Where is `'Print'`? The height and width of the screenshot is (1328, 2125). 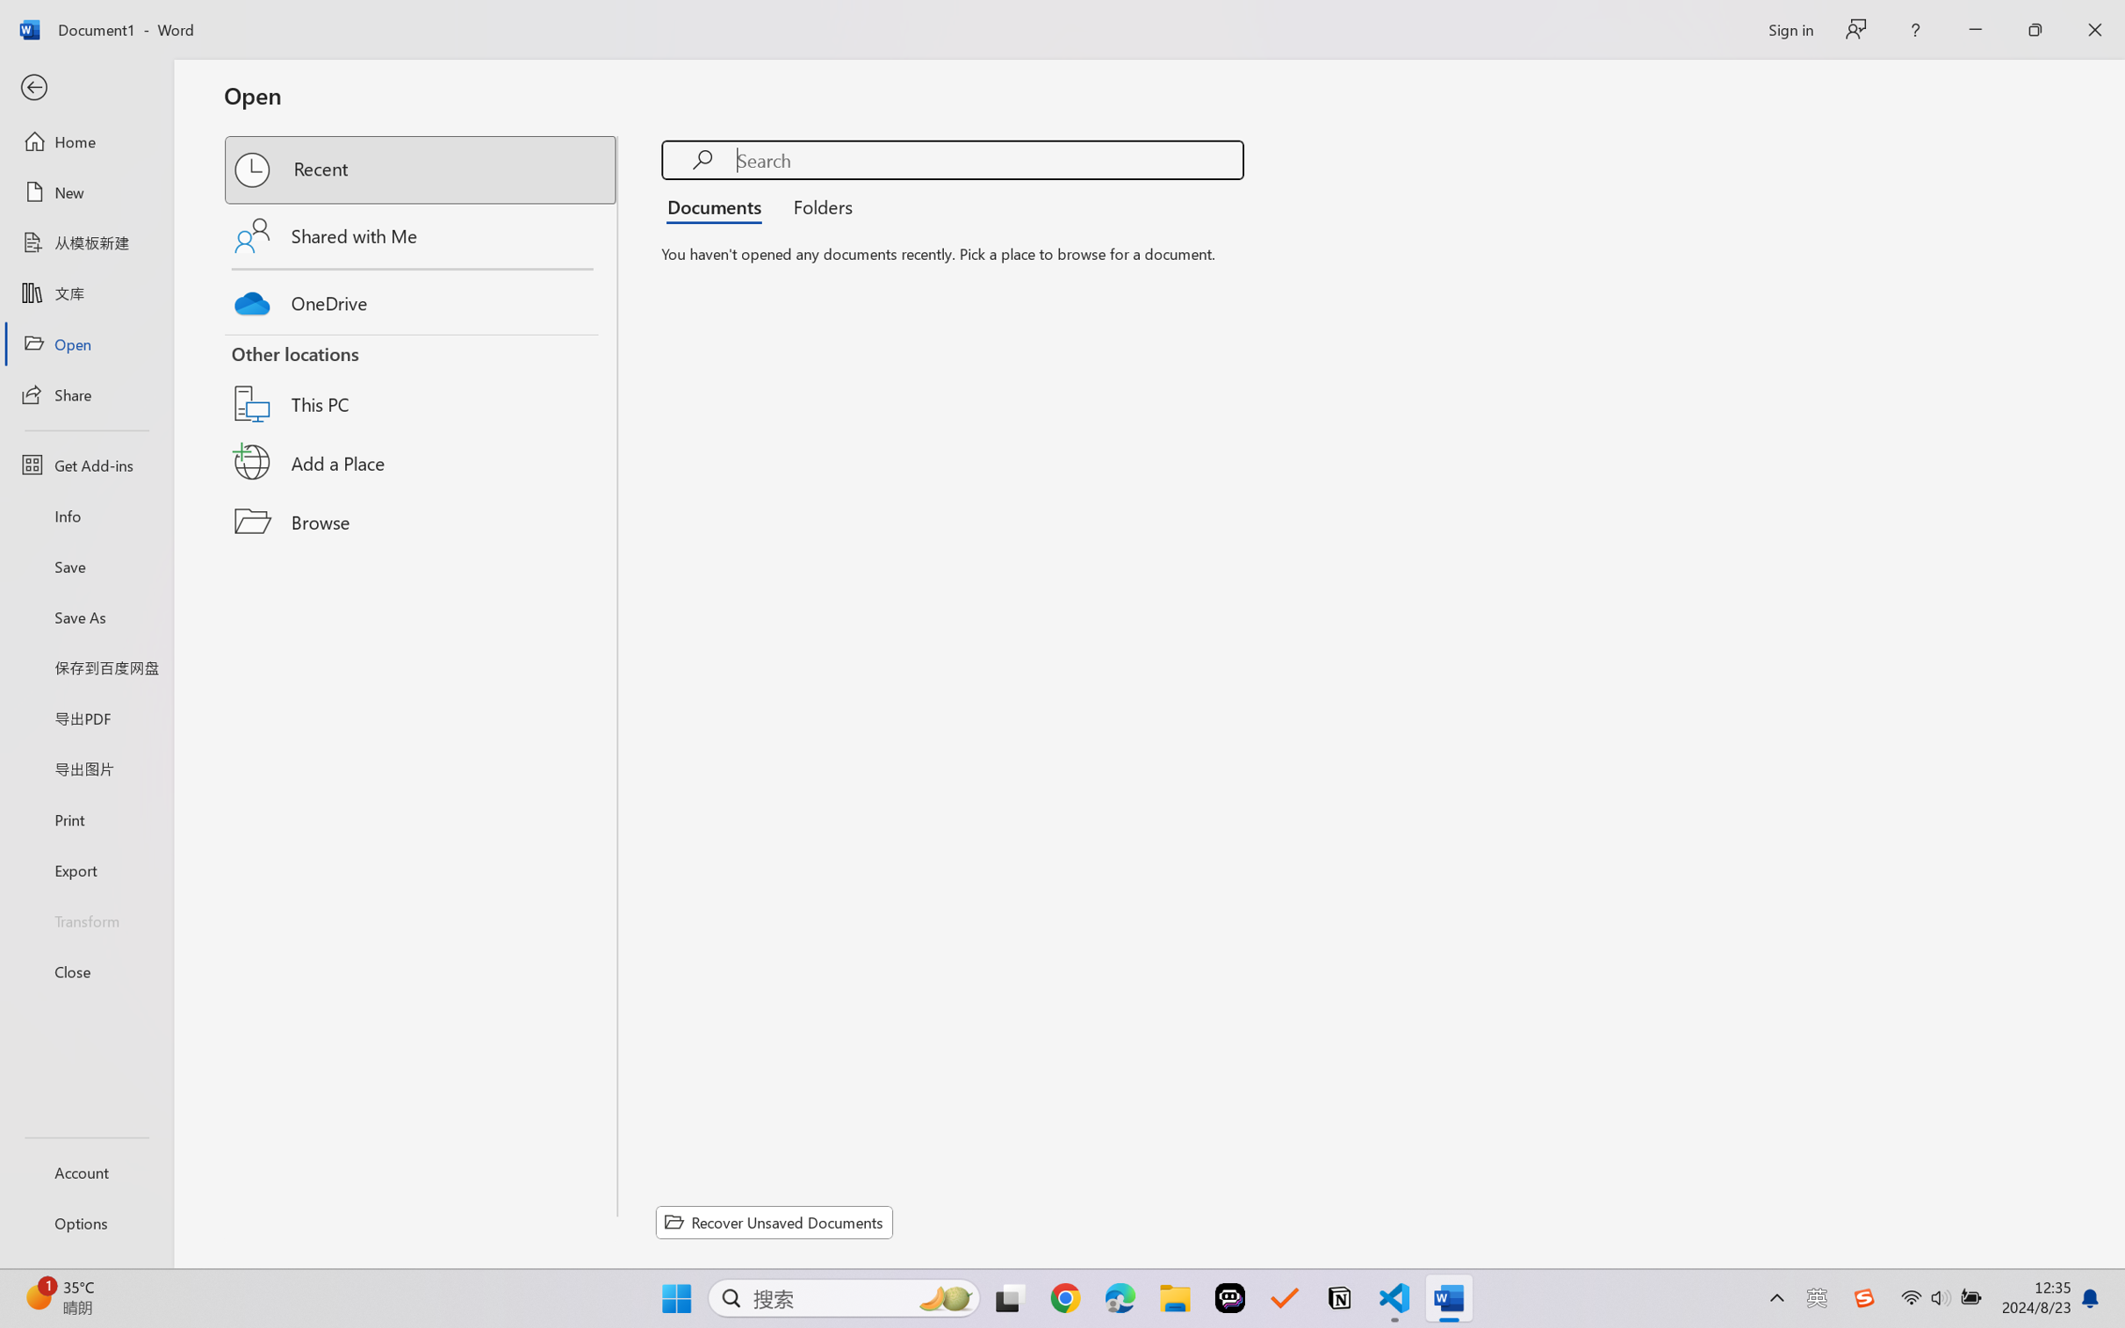 'Print' is located at coordinates (85, 819).